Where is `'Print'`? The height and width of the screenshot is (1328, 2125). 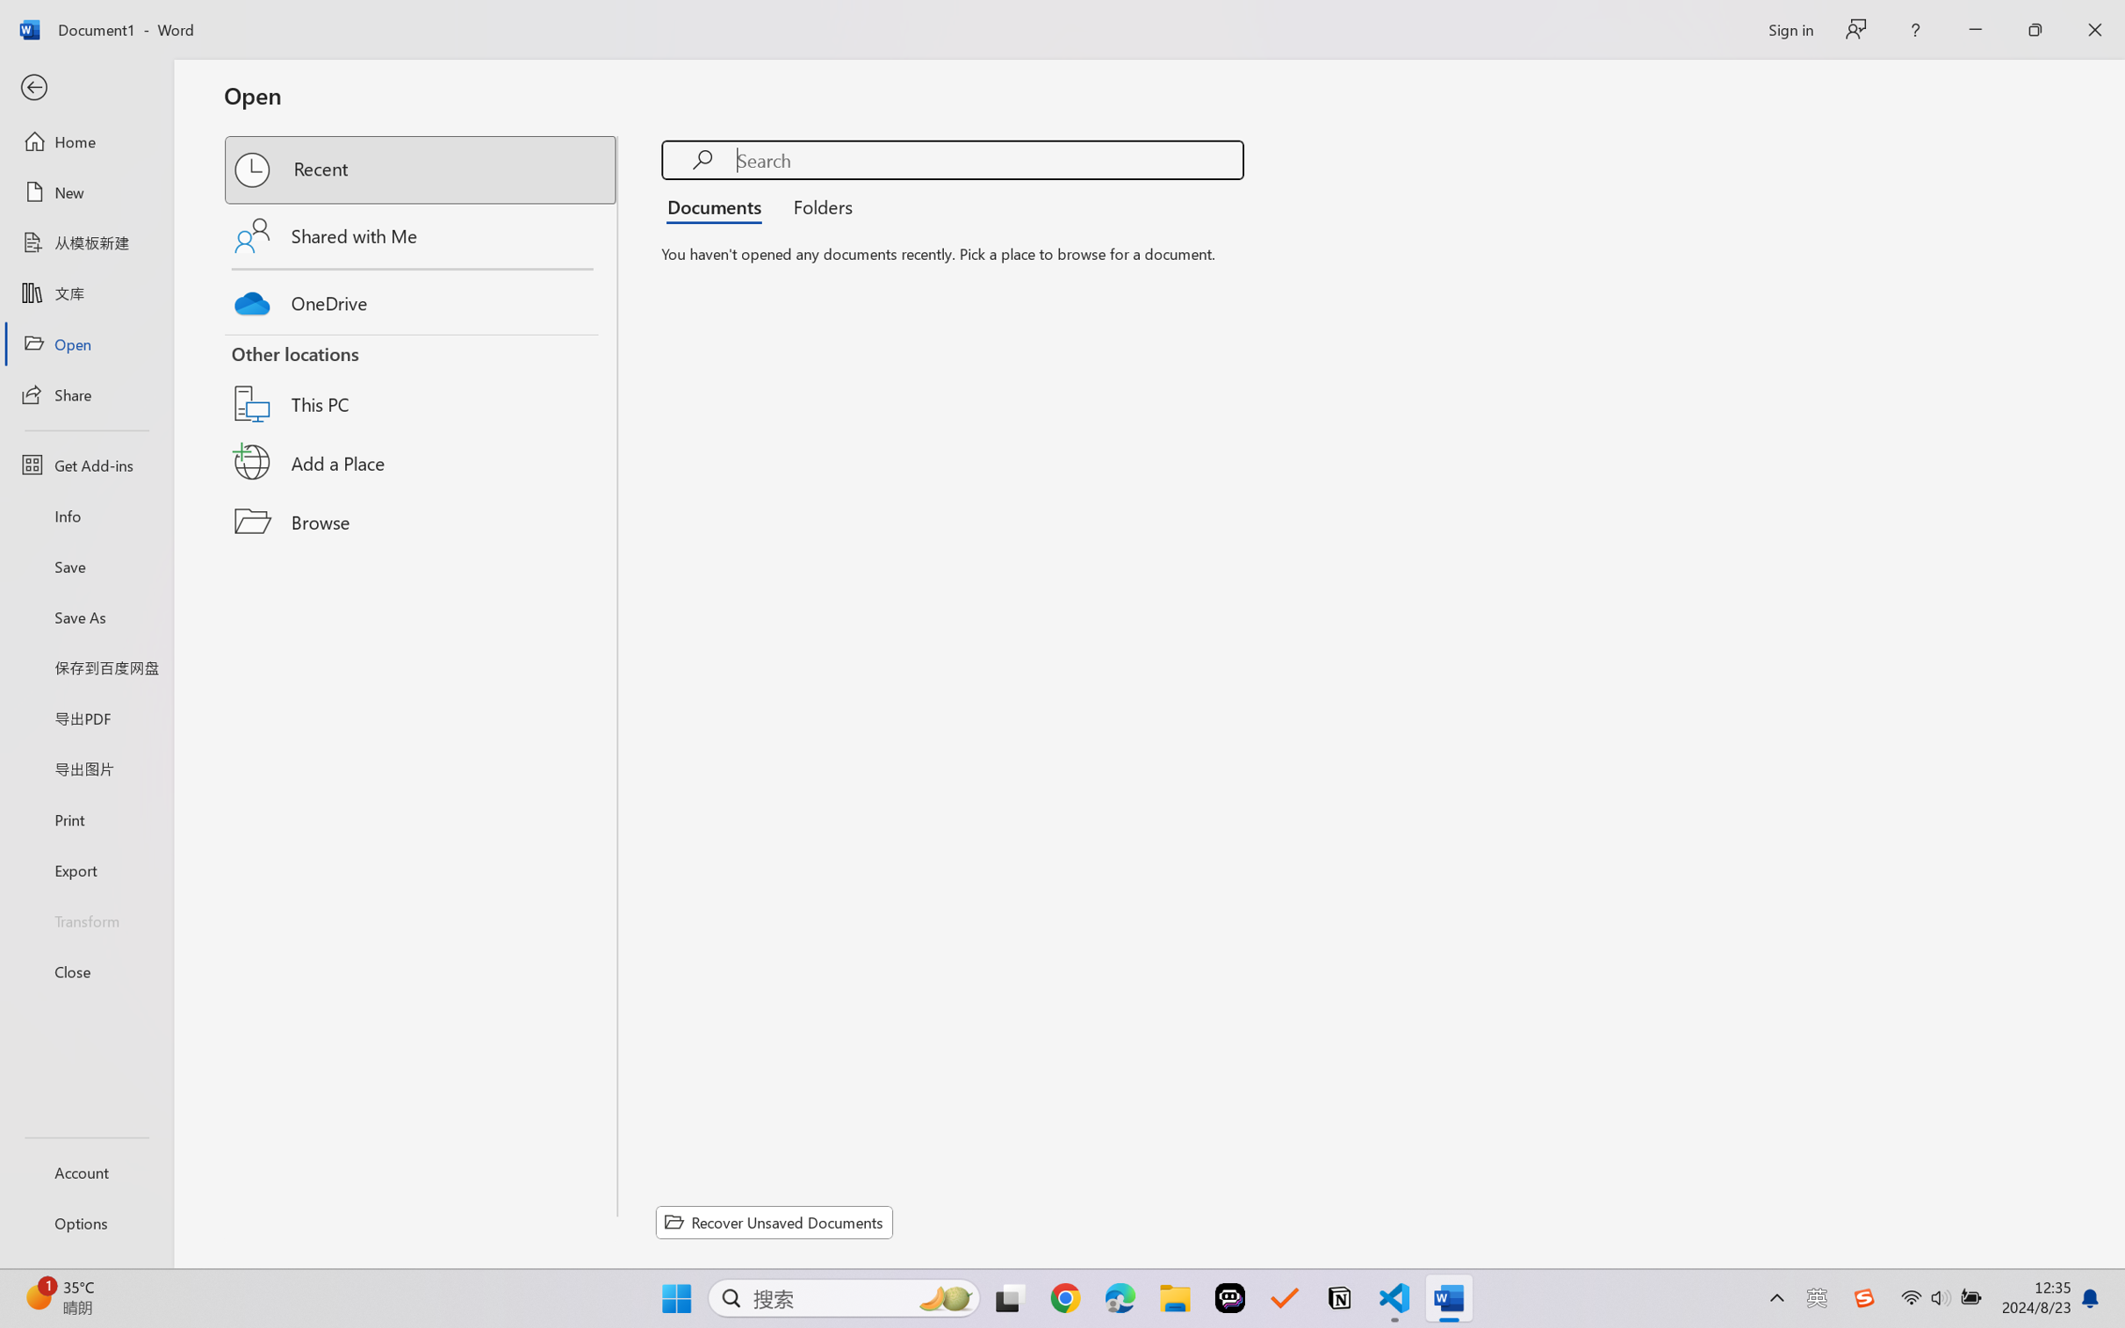 'Print' is located at coordinates (85, 819).